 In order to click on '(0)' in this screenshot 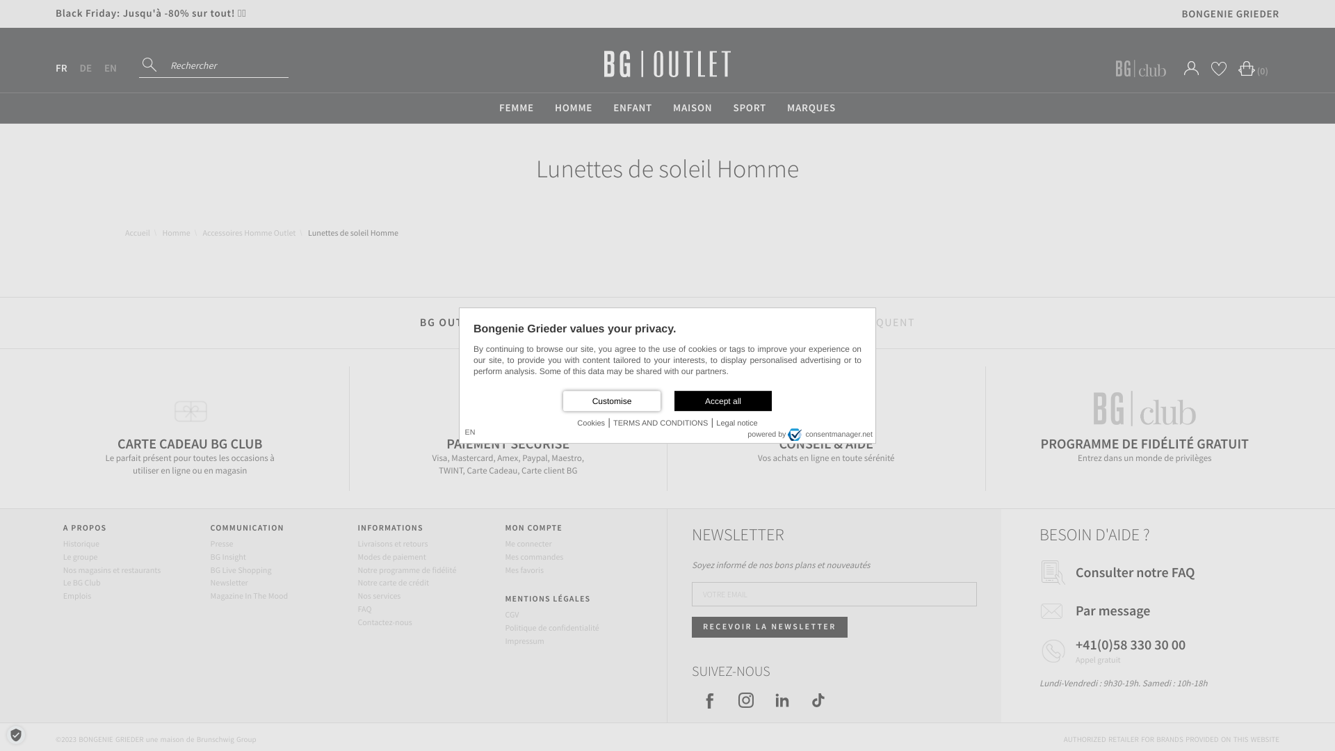, I will do `click(1249, 68)`.